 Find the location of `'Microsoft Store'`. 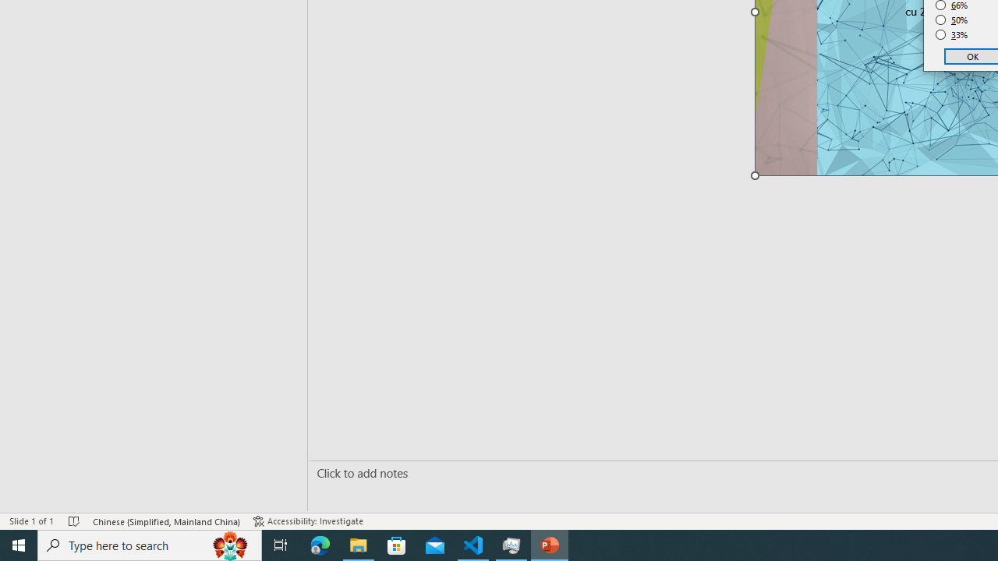

'Microsoft Store' is located at coordinates (397, 544).